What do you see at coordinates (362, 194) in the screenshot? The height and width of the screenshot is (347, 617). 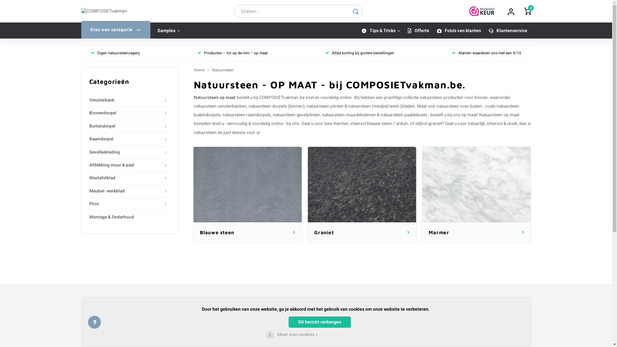 I see `'Graniet'` at bounding box center [362, 194].